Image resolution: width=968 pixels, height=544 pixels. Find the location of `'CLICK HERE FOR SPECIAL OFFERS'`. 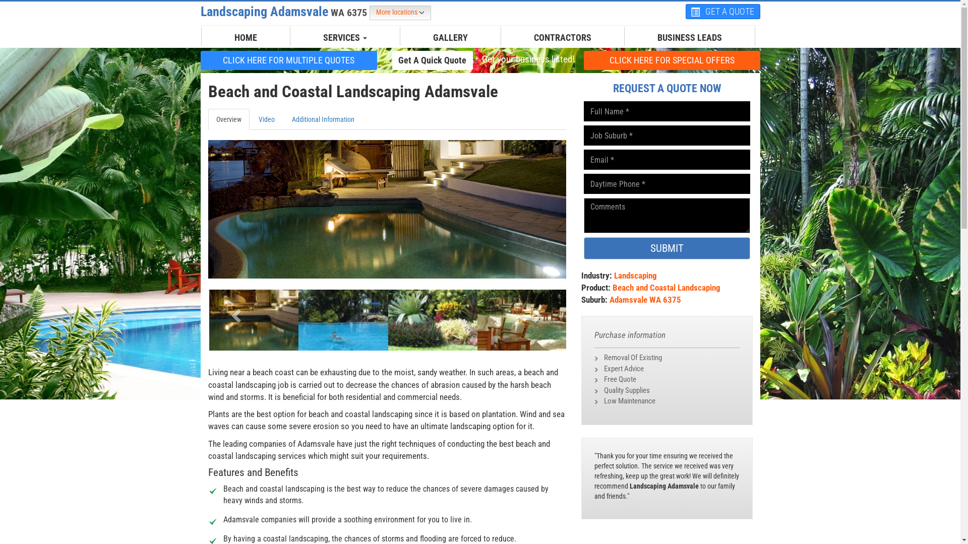

'CLICK HERE FOR SPECIAL OFFERS' is located at coordinates (672, 60).